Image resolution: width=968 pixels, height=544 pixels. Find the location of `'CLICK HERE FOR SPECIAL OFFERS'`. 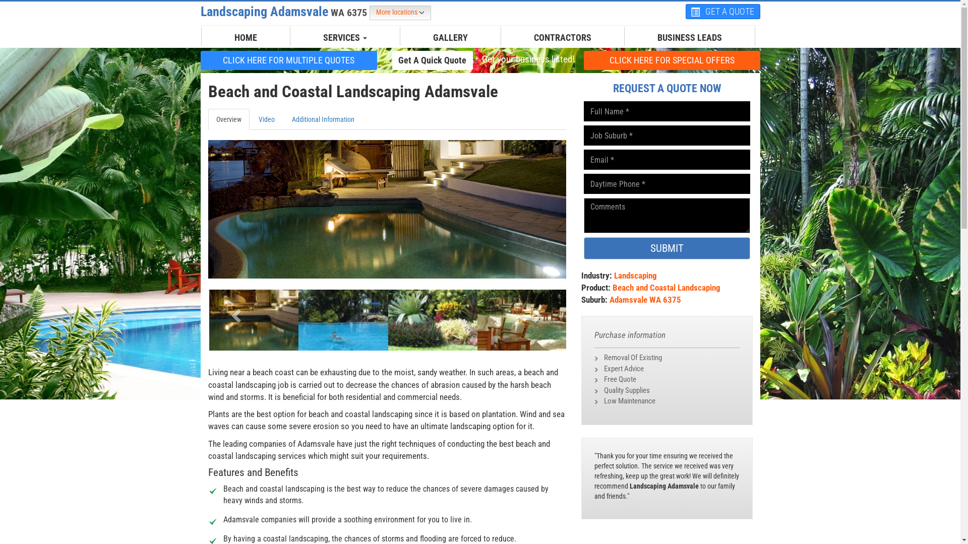

'CLICK HERE FOR SPECIAL OFFERS' is located at coordinates (672, 60).